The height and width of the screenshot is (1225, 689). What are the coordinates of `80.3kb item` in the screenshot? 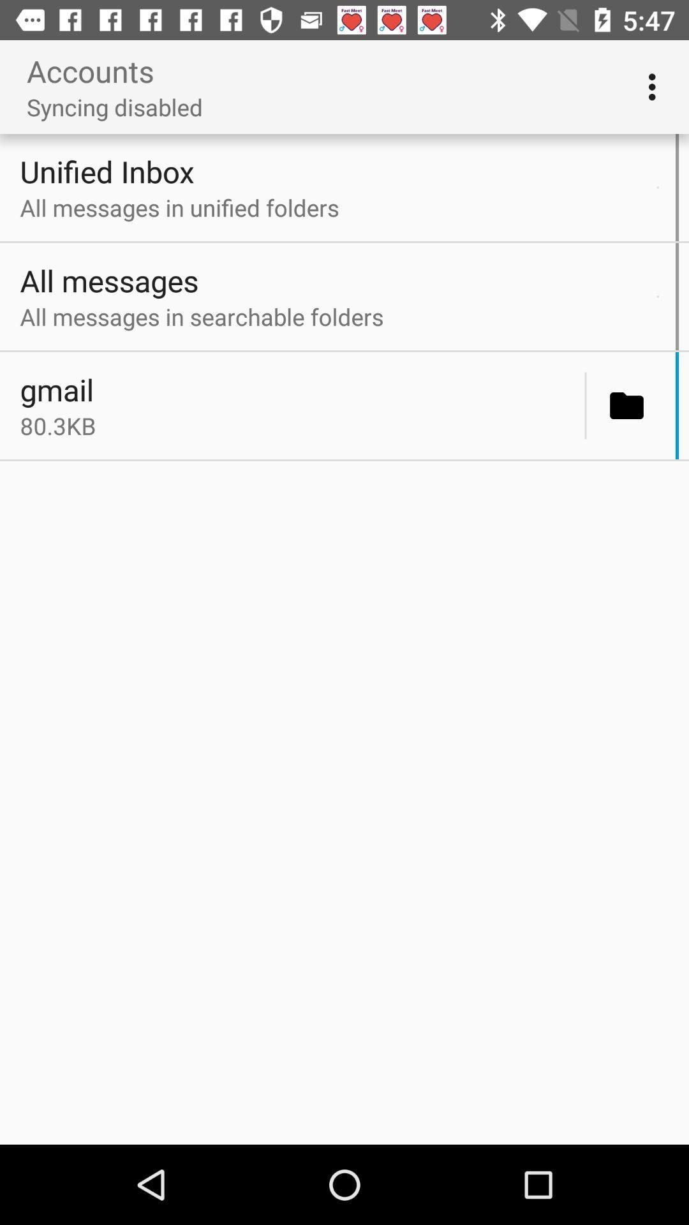 It's located at (299, 426).